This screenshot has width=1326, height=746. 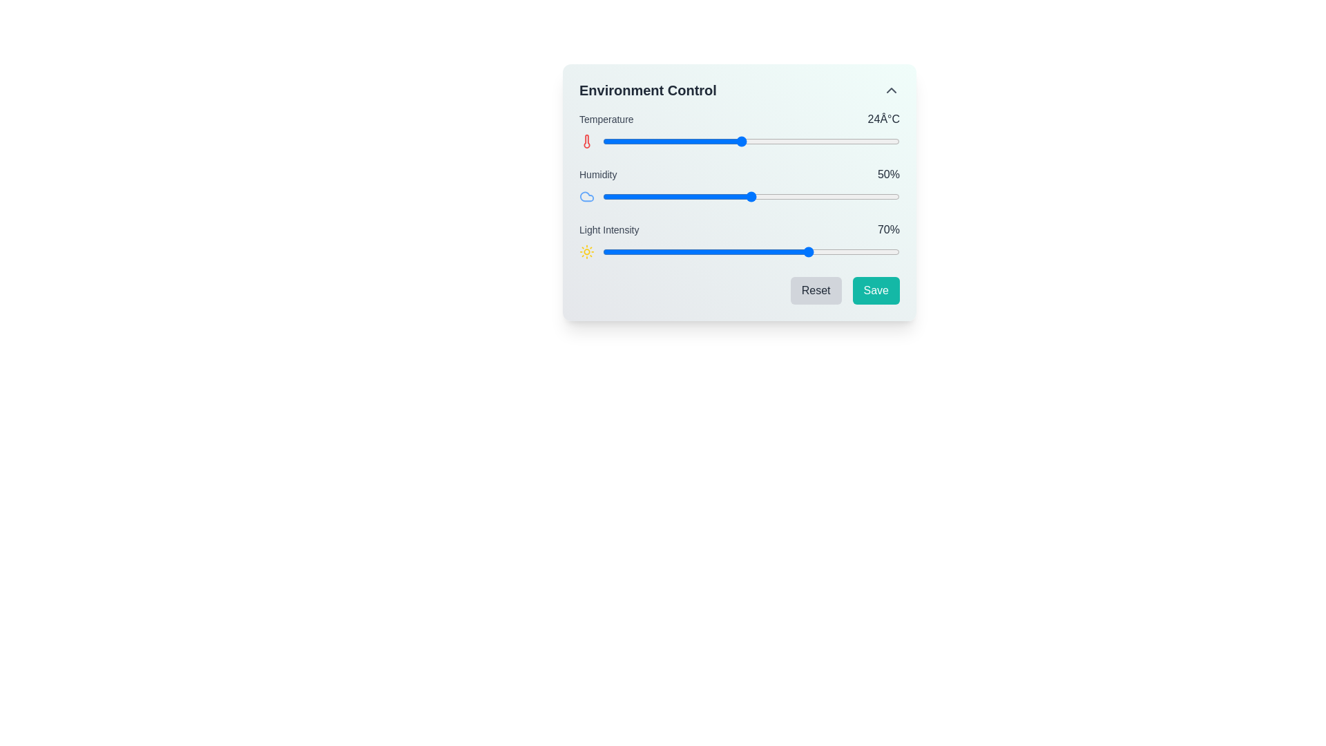 What do you see at coordinates (888, 229) in the screenshot?
I see `the percentage value '70%' text label, which is styled with bold text in dark gray, located to the right of the 'Light Intensity' label in the third row under the 'Humidity' slider section` at bounding box center [888, 229].